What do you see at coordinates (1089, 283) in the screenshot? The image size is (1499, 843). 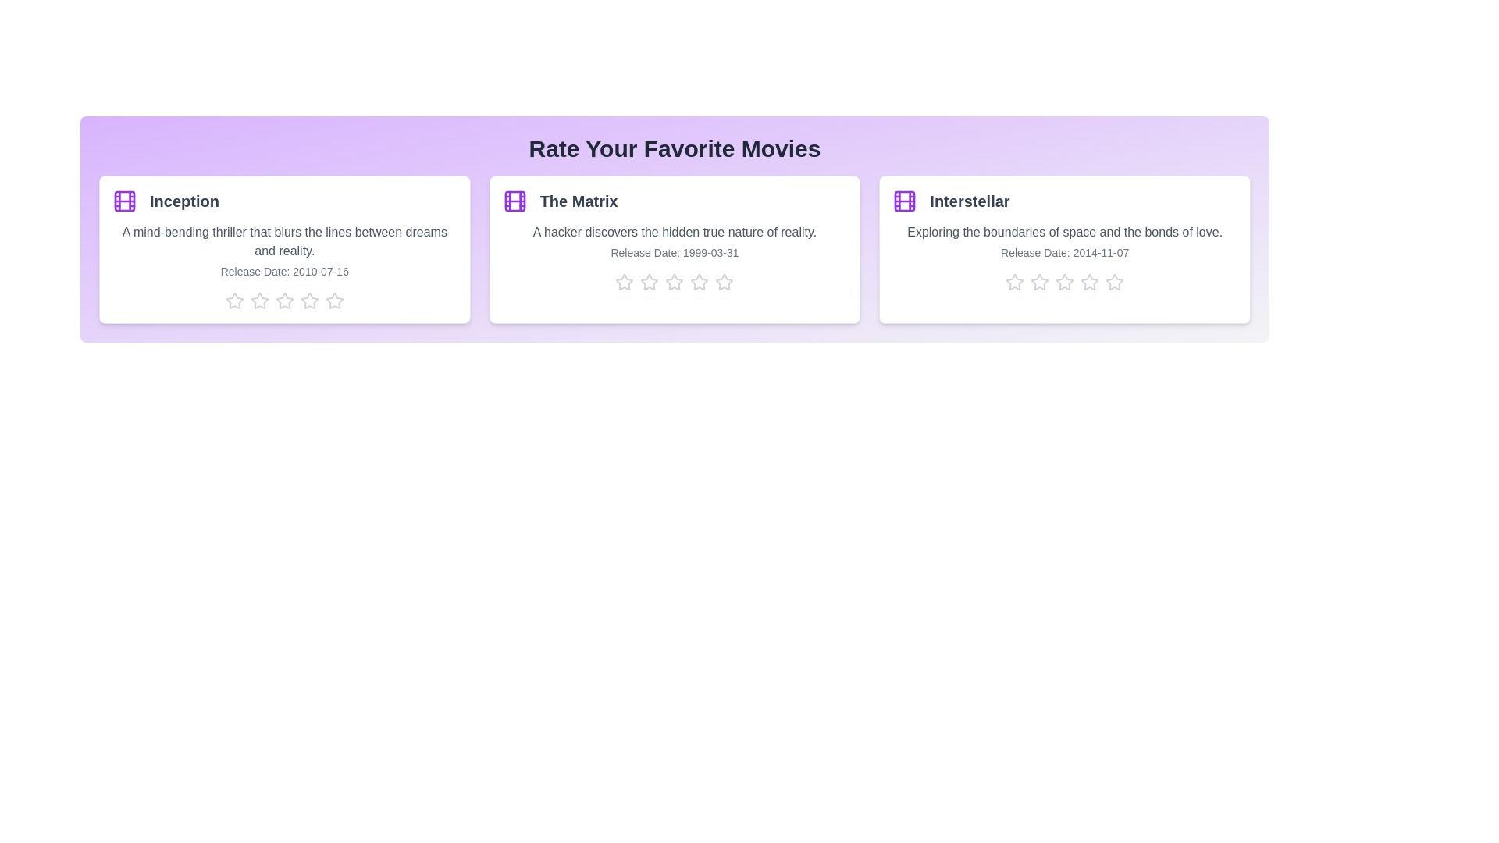 I see `the star corresponding to 4 stars for the movie Interstellar` at bounding box center [1089, 283].